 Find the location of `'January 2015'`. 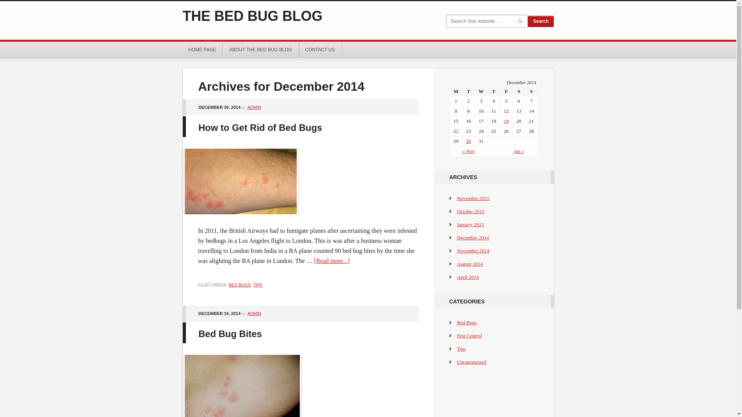

'January 2015' is located at coordinates (470, 224).